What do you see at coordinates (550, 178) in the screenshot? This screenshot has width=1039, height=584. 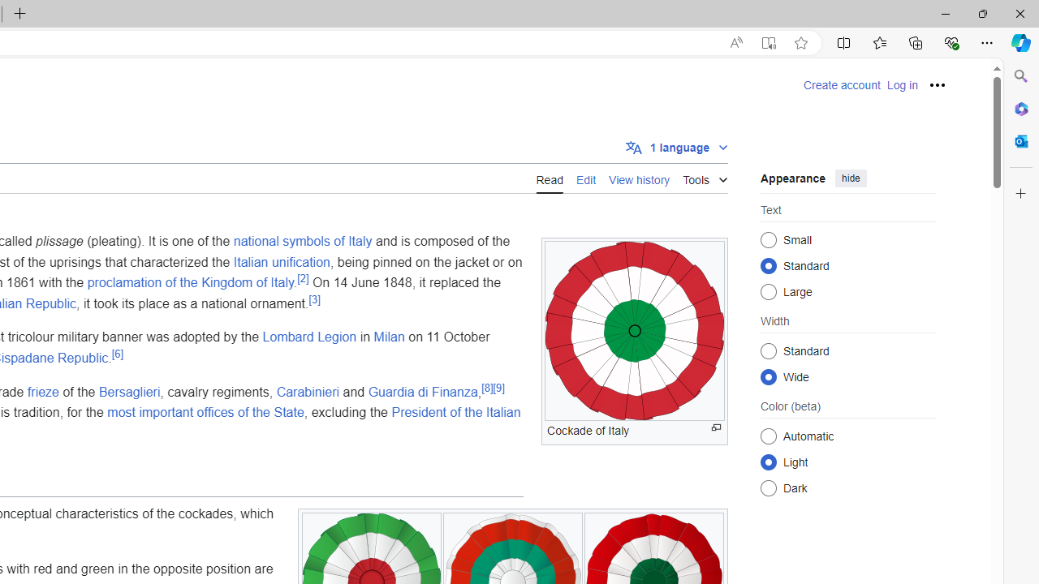 I see `'Read'` at bounding box center [550, 178].